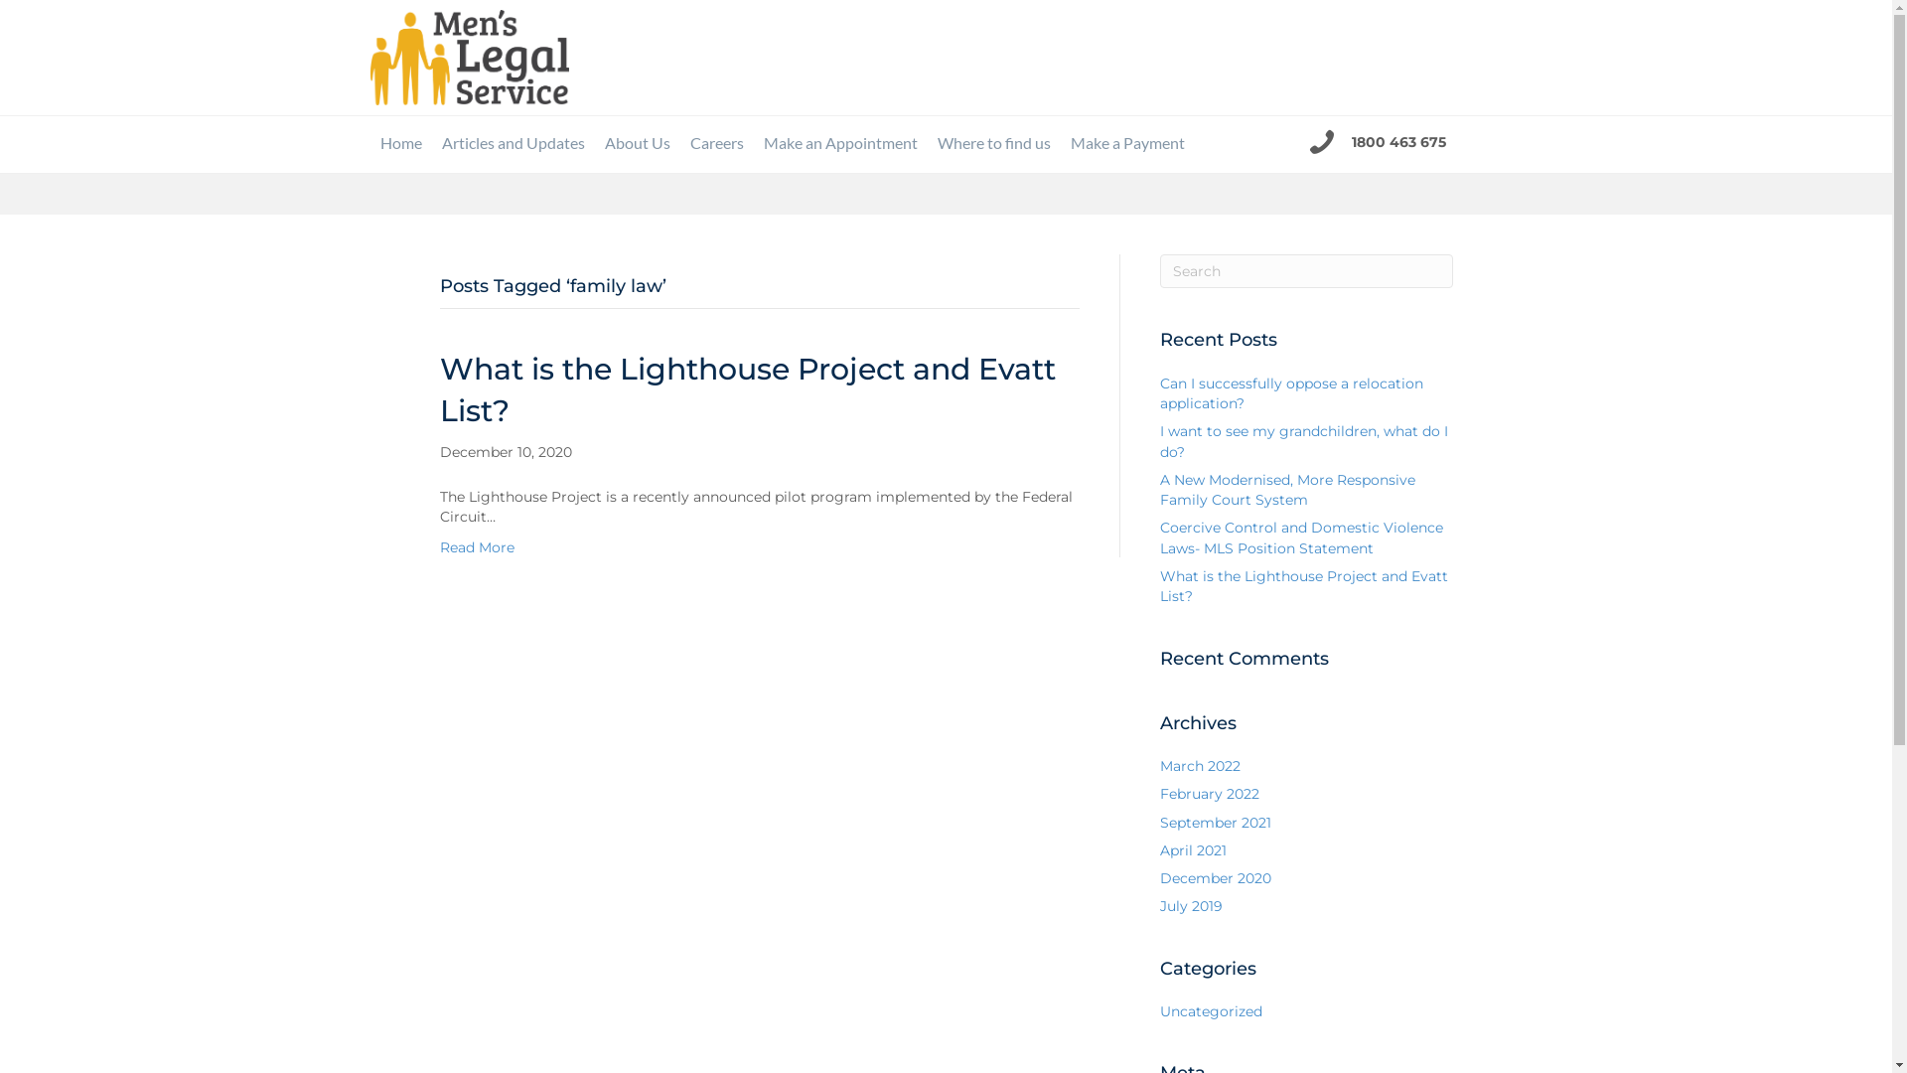 The width and height of the screenshot is (1907, 1073). Describe the element at coordinates (1159, 792) in the screenshot. I see `'February 2022'` at that location.